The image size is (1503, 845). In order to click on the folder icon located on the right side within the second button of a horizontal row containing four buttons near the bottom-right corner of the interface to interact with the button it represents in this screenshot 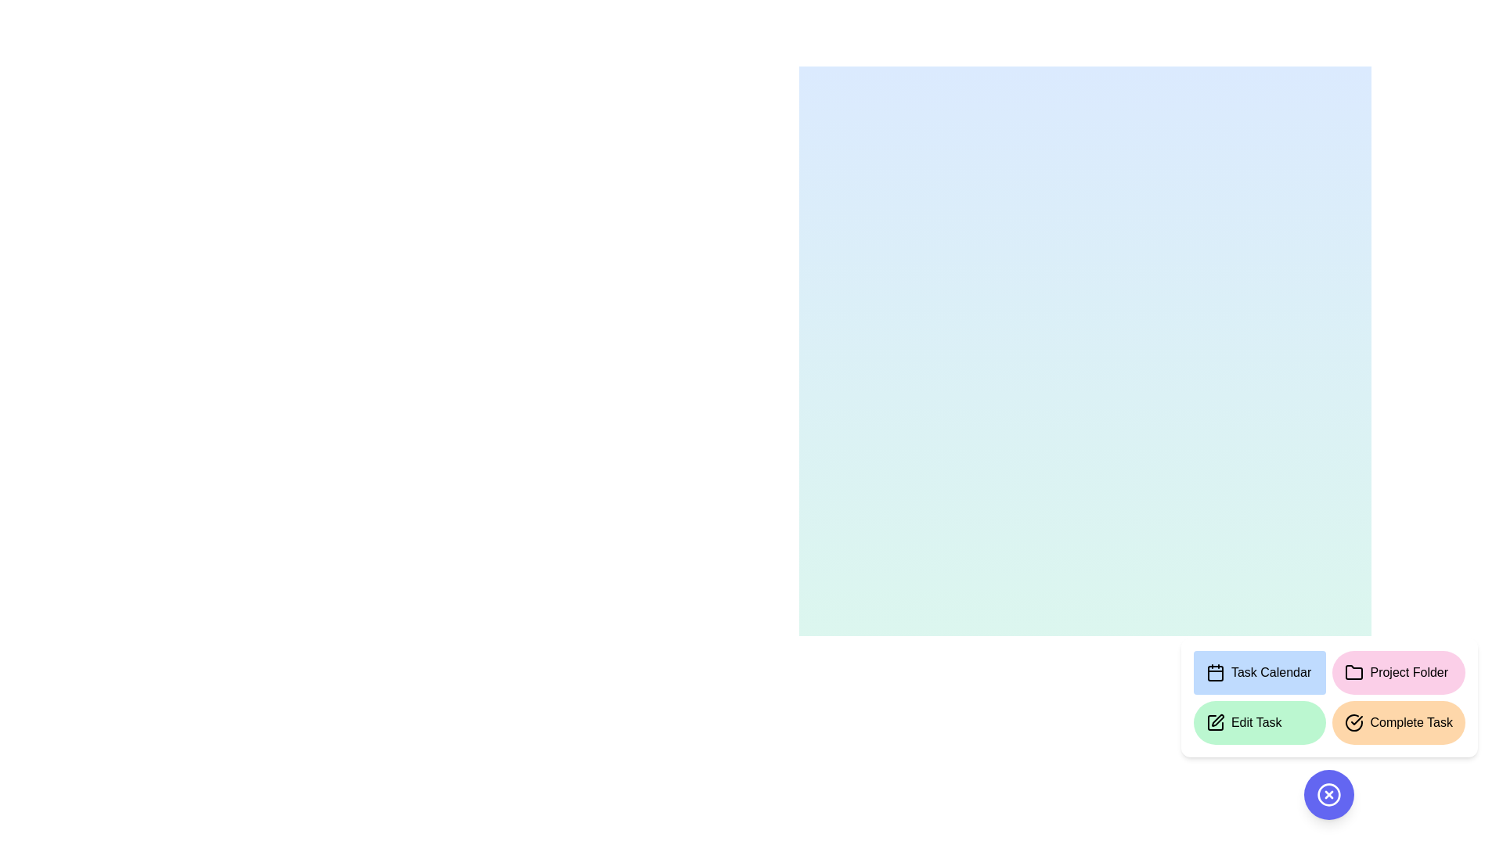, I will do `click(1353, 672)`.